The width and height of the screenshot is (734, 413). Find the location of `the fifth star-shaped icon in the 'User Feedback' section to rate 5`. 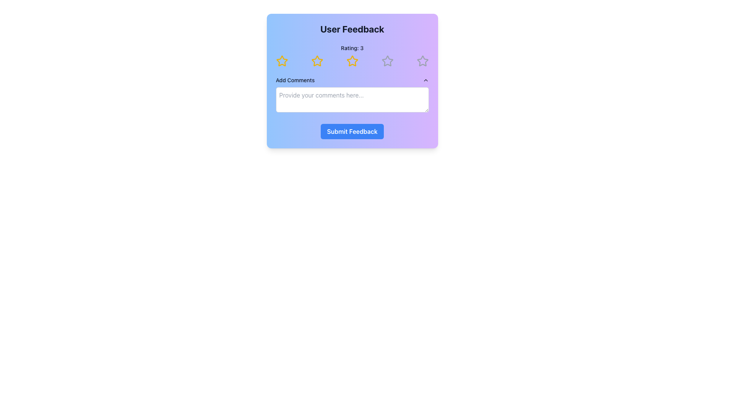

the fifth star-shaped icon in the 'User Feedback' section to rate 5 is located at coordinates (422, 60).